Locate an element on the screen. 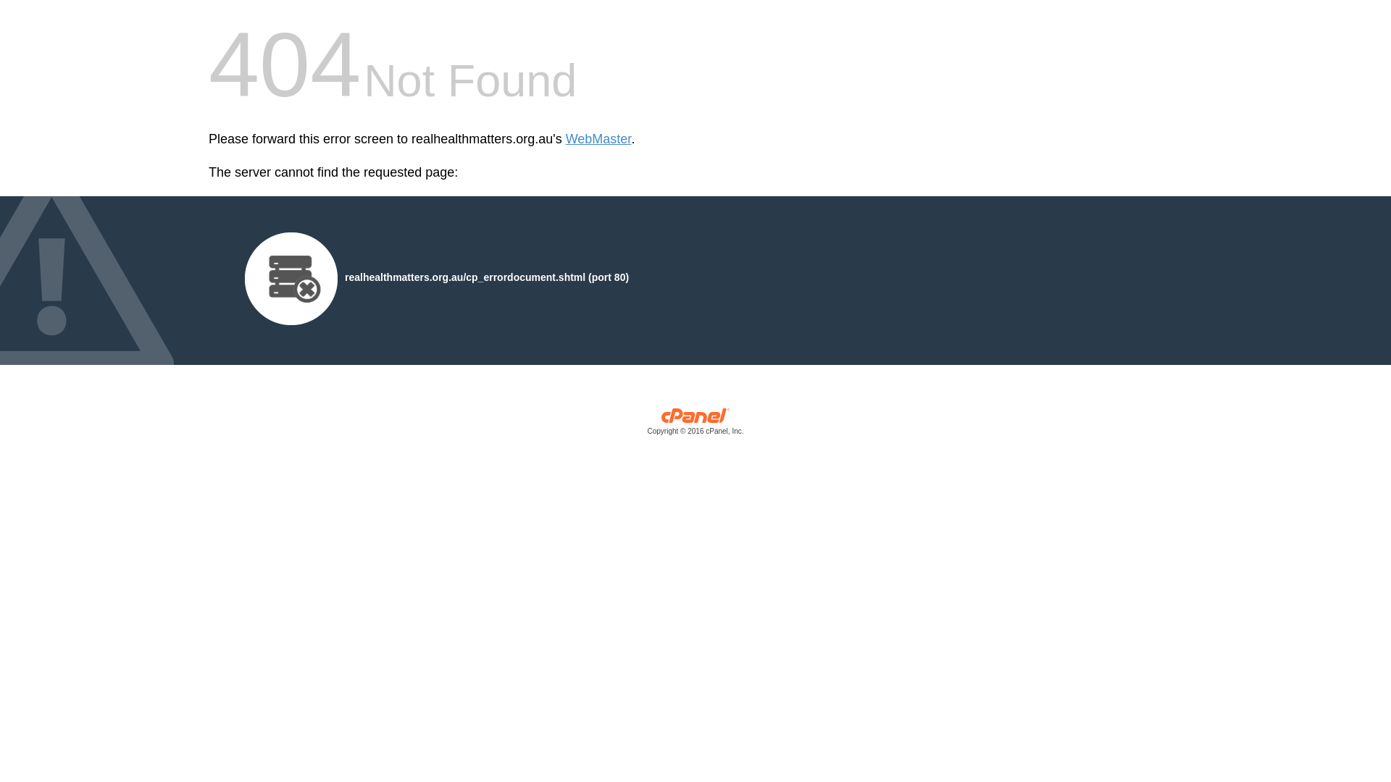  'WebMaster' is located at coordinates (598, 139).